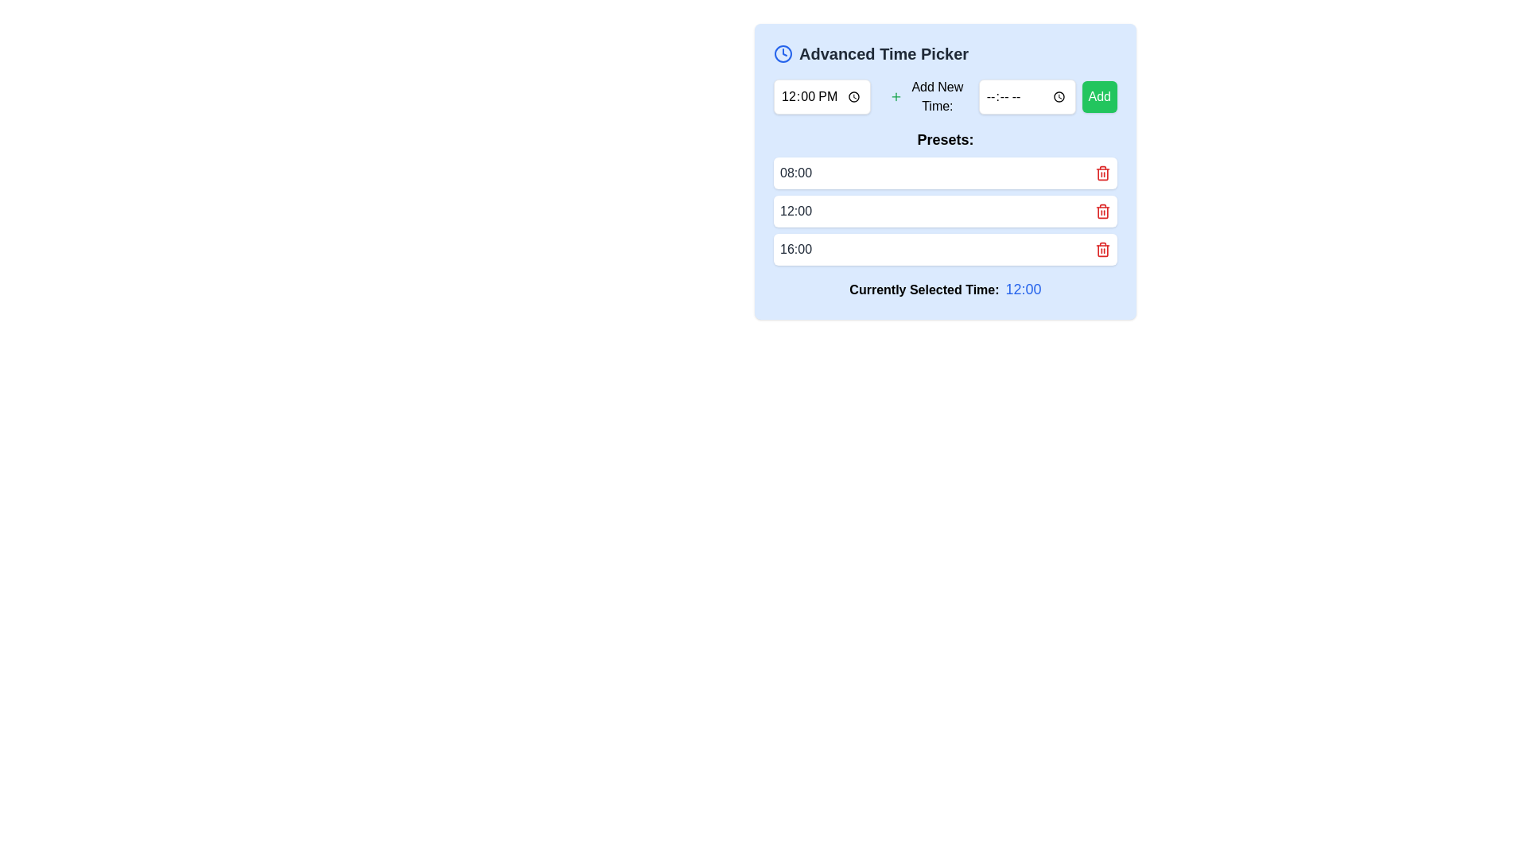 The image size is (1527, 859). What do you see at coordinates (946, 139) in the screenshot?
I see `the static text label reading 'Presets:' located at the top of the 'Advanced Time Picker' panel, which is styled with bold and larger font size` at bounding box center [946, 139].